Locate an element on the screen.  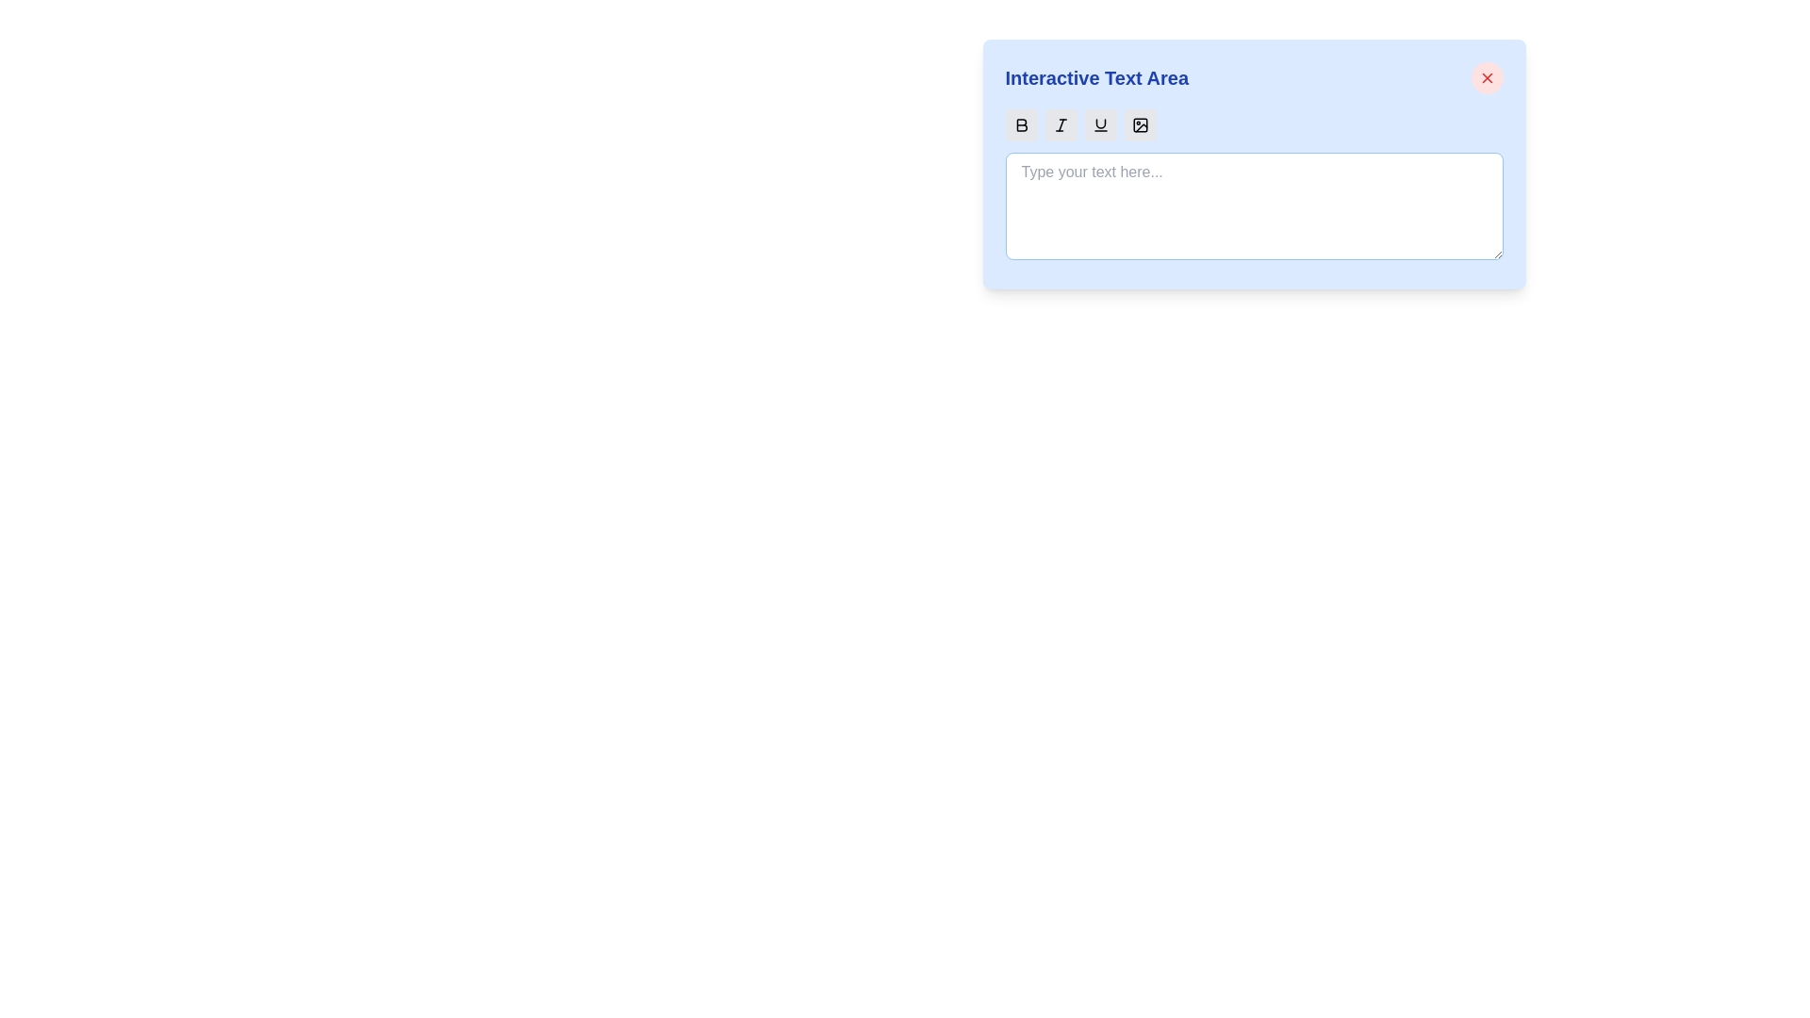
the button with an underline icon located in the formatting toolbar is located at coordinates (1100, 124).